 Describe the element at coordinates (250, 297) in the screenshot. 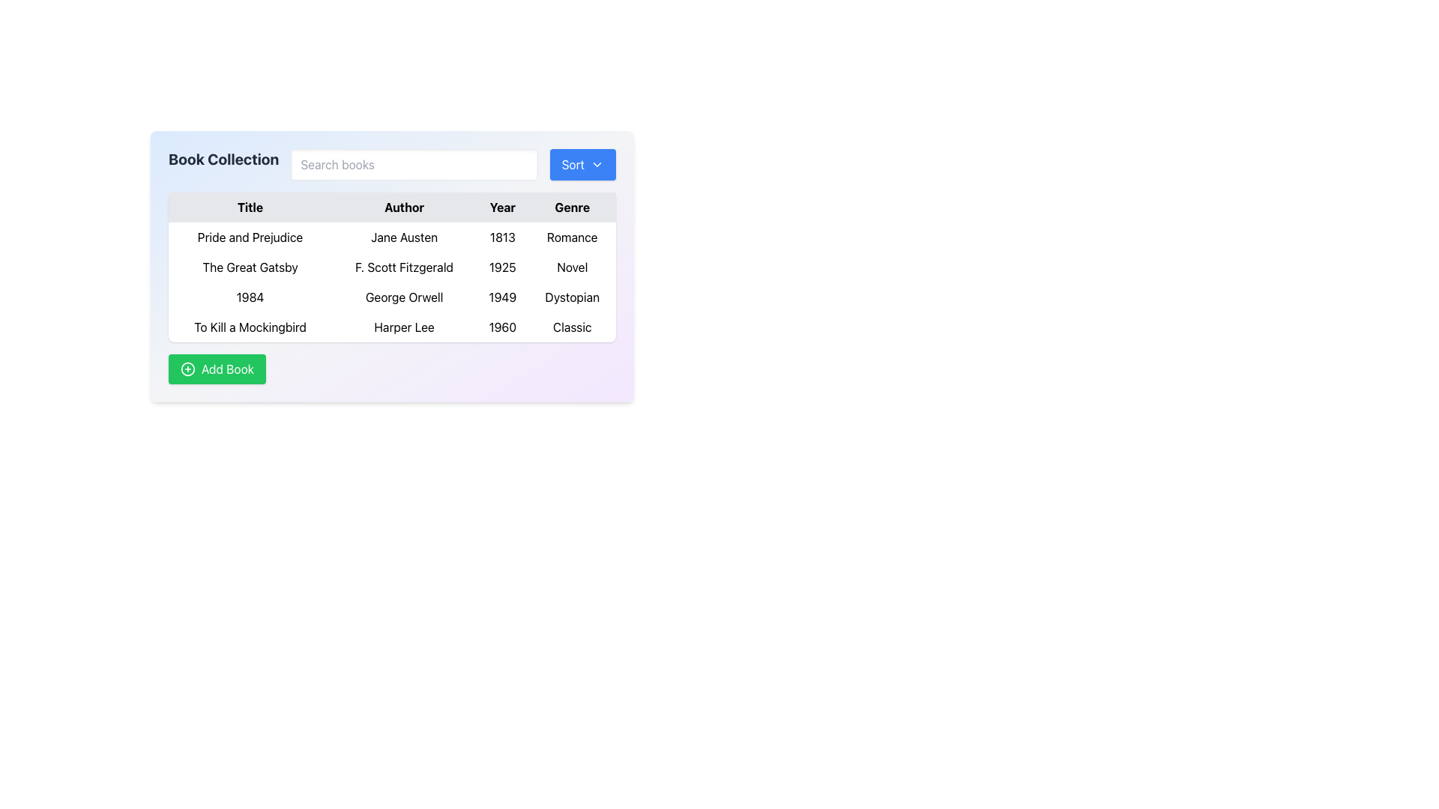

I see `the text label displaying the title '1984' in the first cell of the third row under the 'Title' column of the table` at that location.